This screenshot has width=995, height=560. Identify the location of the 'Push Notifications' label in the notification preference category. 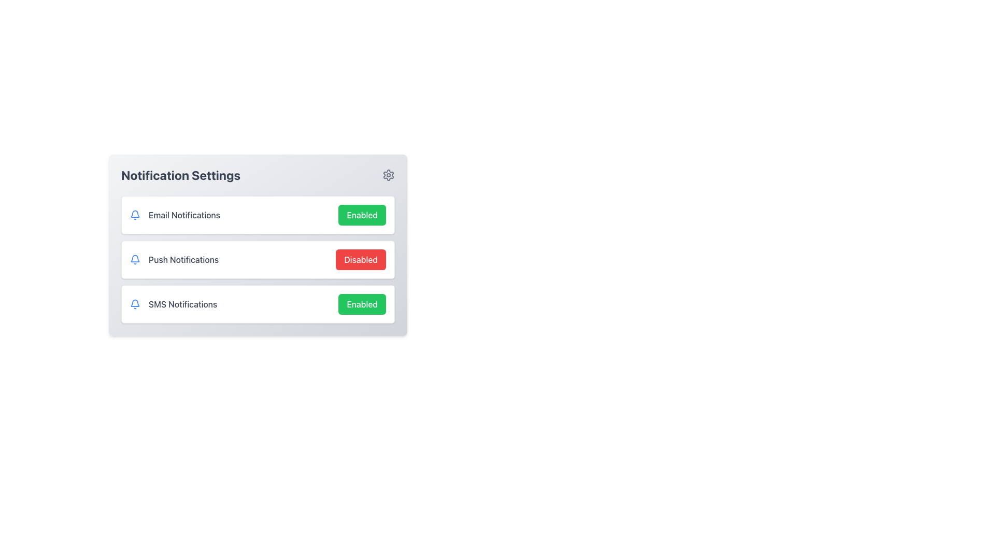
(183, 259).